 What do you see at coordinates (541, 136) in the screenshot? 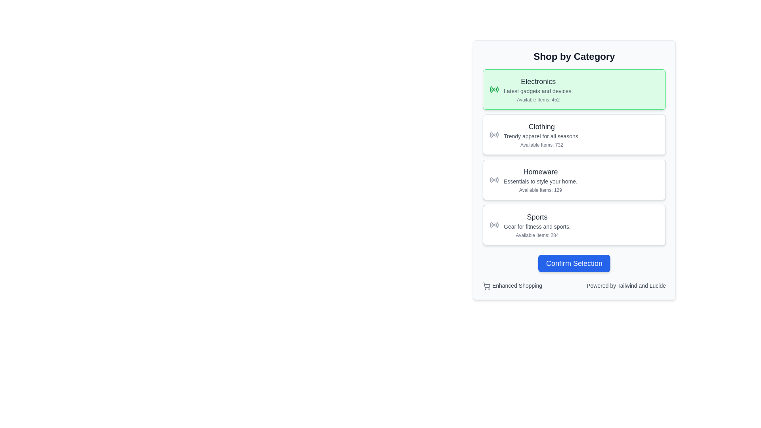
I see `the static text that reads 'Trendy apparel for all seasons.', styled in gray and positioned between 'Clothing' and 'Available Items: 732' in the 'Shop by Category' section` at bounding box center [541, 136].